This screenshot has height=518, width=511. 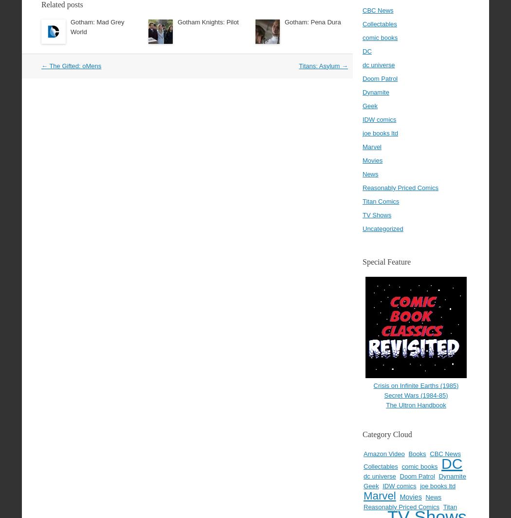 What do you see at coordinates (408, 453) in the screenshot?
I see `'Books'` at bounding box center [408, 453].